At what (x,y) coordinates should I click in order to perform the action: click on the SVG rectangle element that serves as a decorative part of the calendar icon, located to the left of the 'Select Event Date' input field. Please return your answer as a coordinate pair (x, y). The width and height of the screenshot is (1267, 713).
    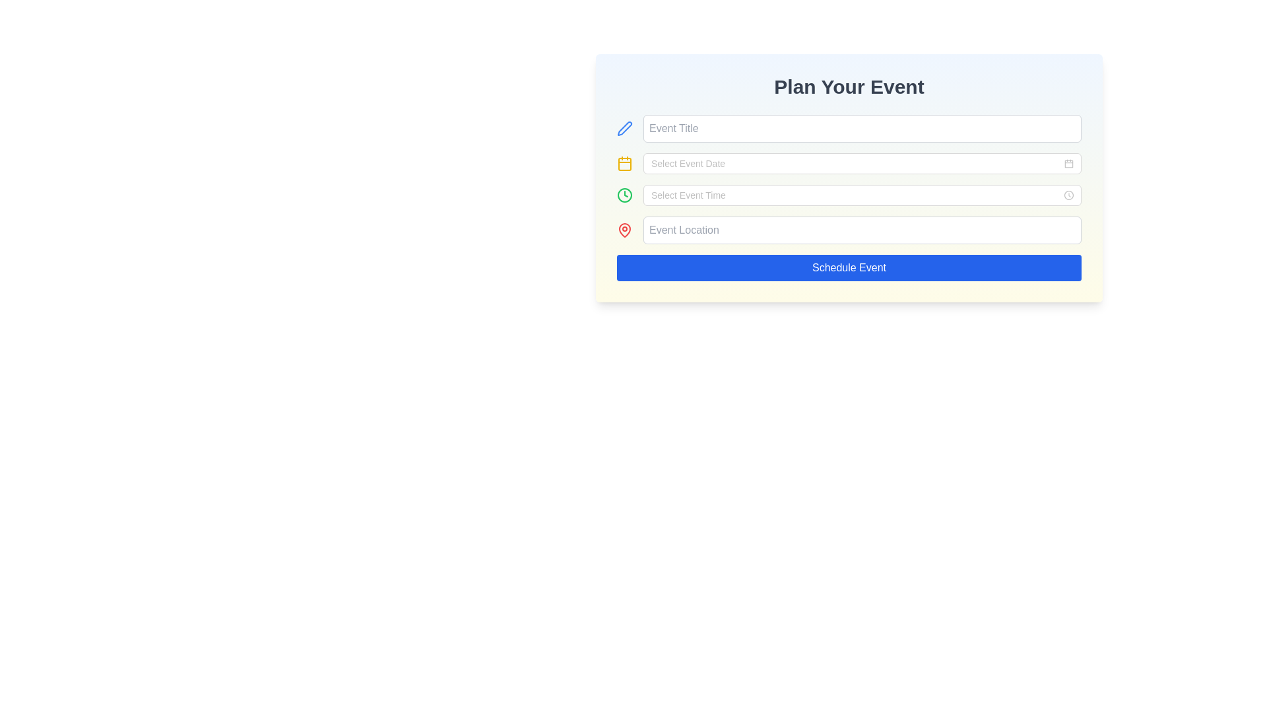
    Looking at the image, I should click on (624, 164).